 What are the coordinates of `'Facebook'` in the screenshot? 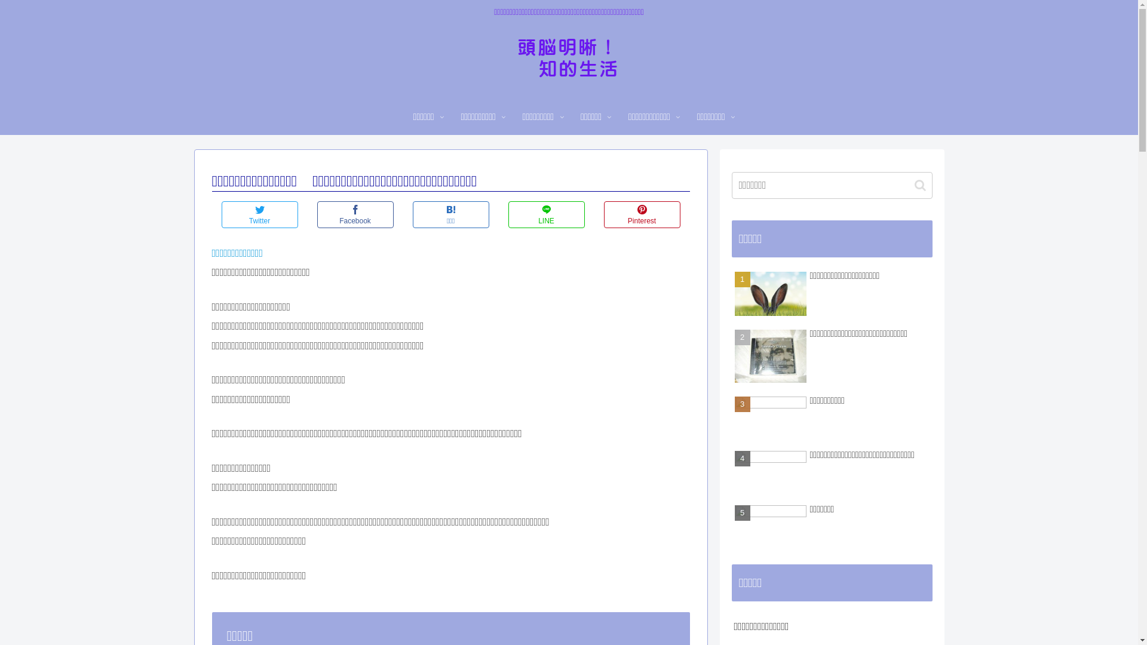 It's located at (354, 214).